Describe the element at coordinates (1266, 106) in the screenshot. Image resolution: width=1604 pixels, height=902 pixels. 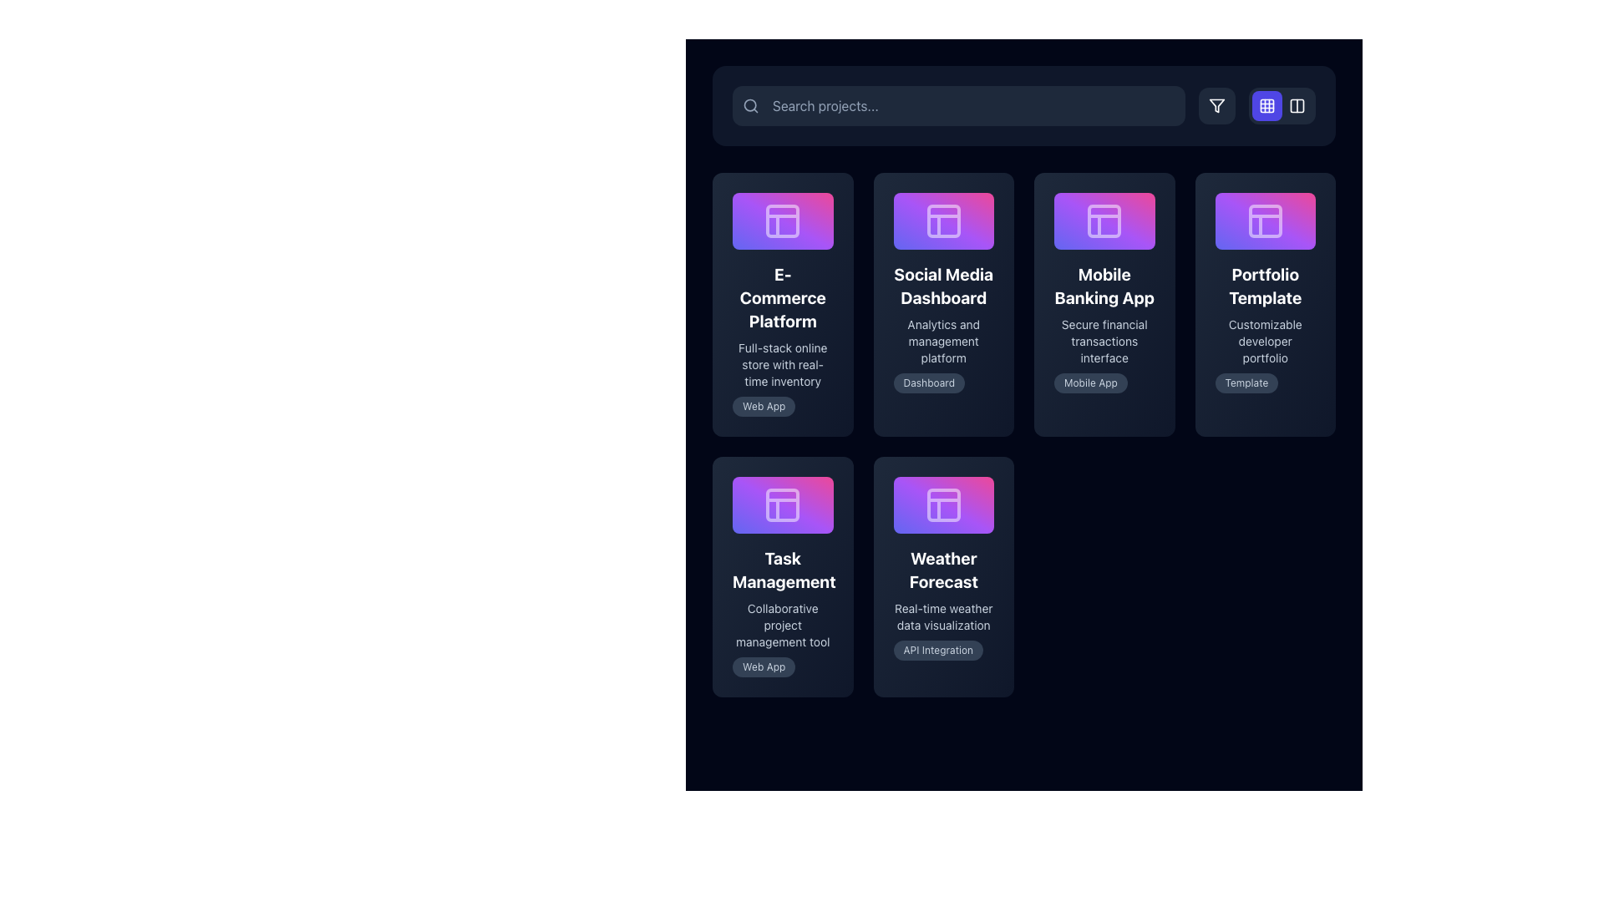
I see `the center square of the grid icon element located at the top-right section of the layout, which is styled with rounded corners and matches the theme of the surrounding grid lines` at that location.